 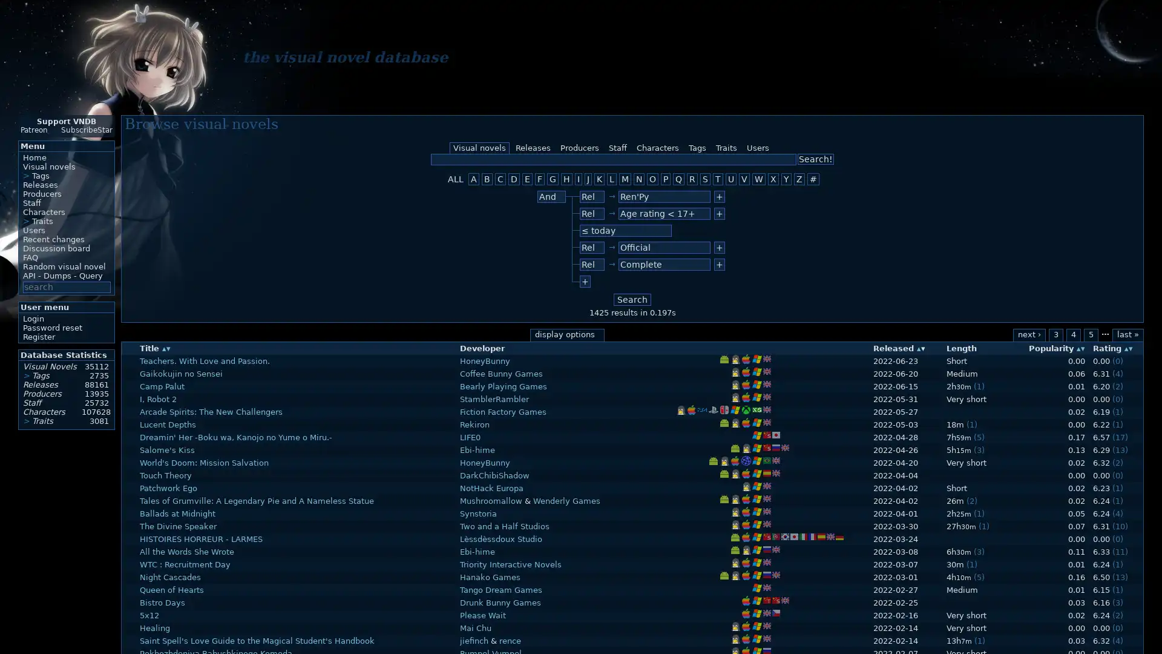 What do you see at coordinates (632, 299) in the screenshot?
I see `Search` at bounding box center [632, 299].